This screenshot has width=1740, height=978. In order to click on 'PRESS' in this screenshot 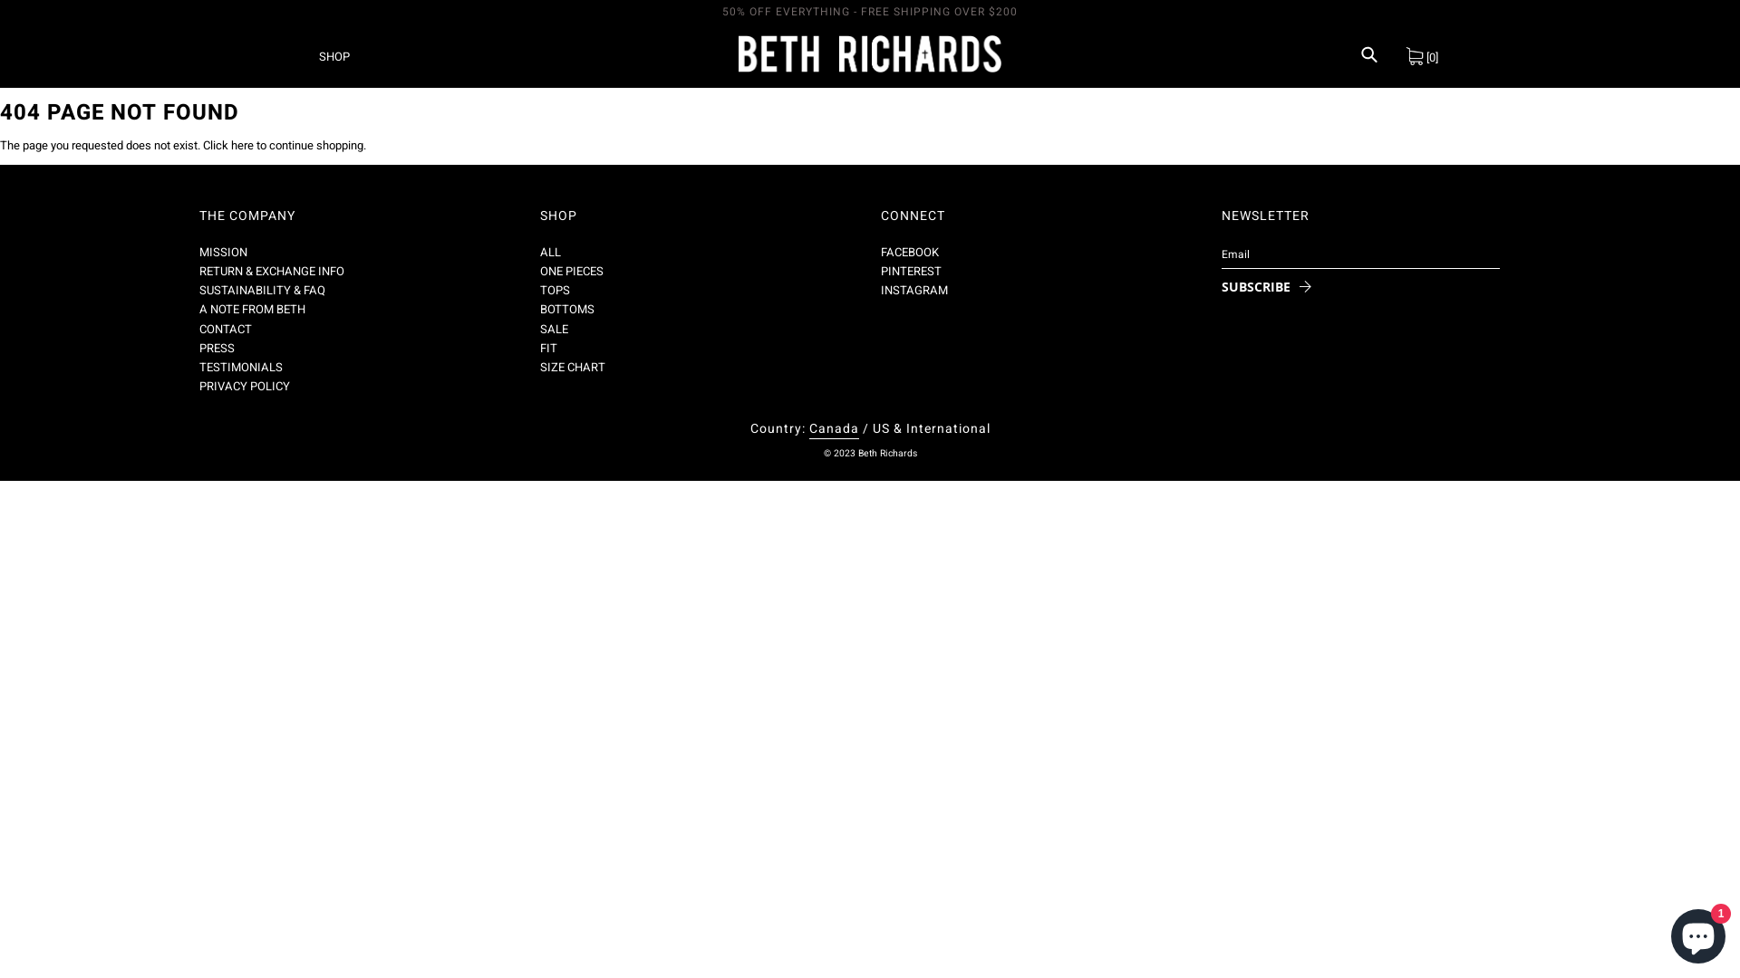, I will do `click(217, 348)`.